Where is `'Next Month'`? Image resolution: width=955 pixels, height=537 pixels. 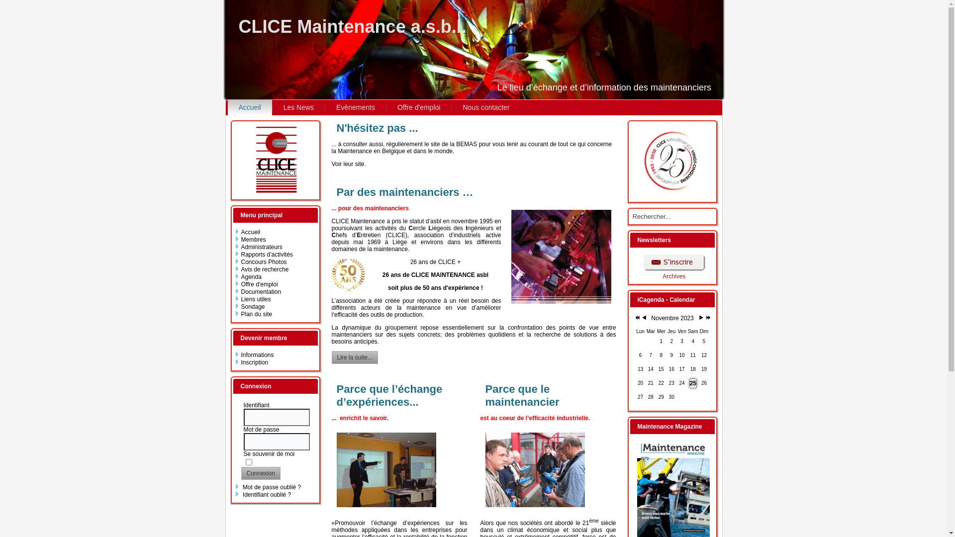
'Next Month' is located at coordinates (697, 318).